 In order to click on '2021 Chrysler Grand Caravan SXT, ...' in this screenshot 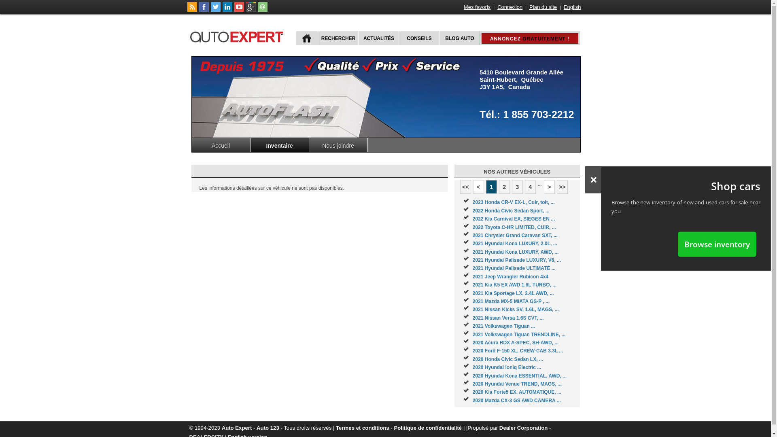, I will do `click(514, 235)`.